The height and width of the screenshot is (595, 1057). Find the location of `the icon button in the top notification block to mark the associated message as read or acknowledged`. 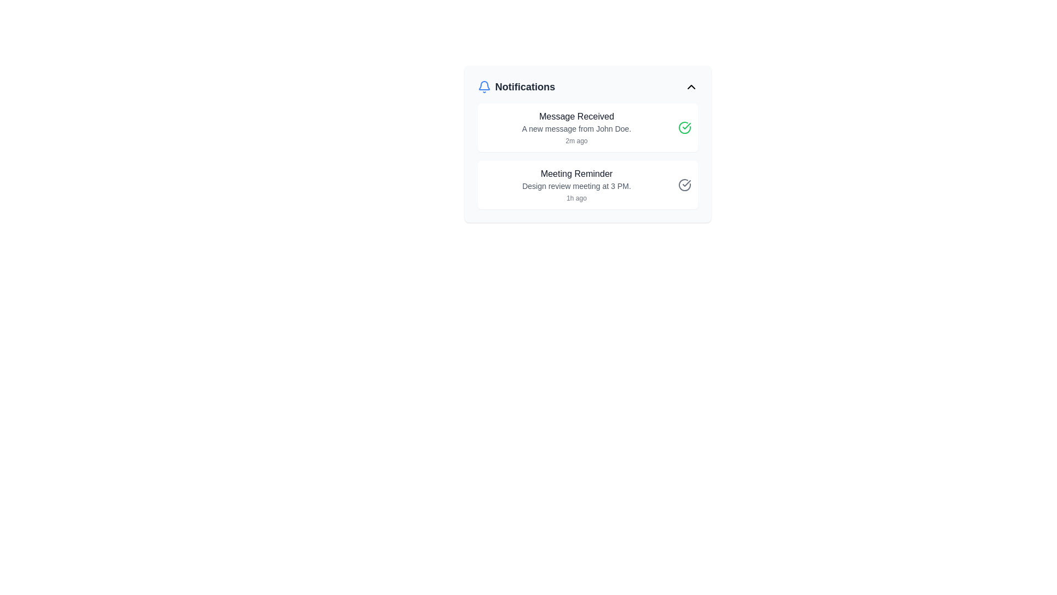

the icon button in the top notification block to mark the associated message as read or acknowledged is located at coordinates (684, 127).